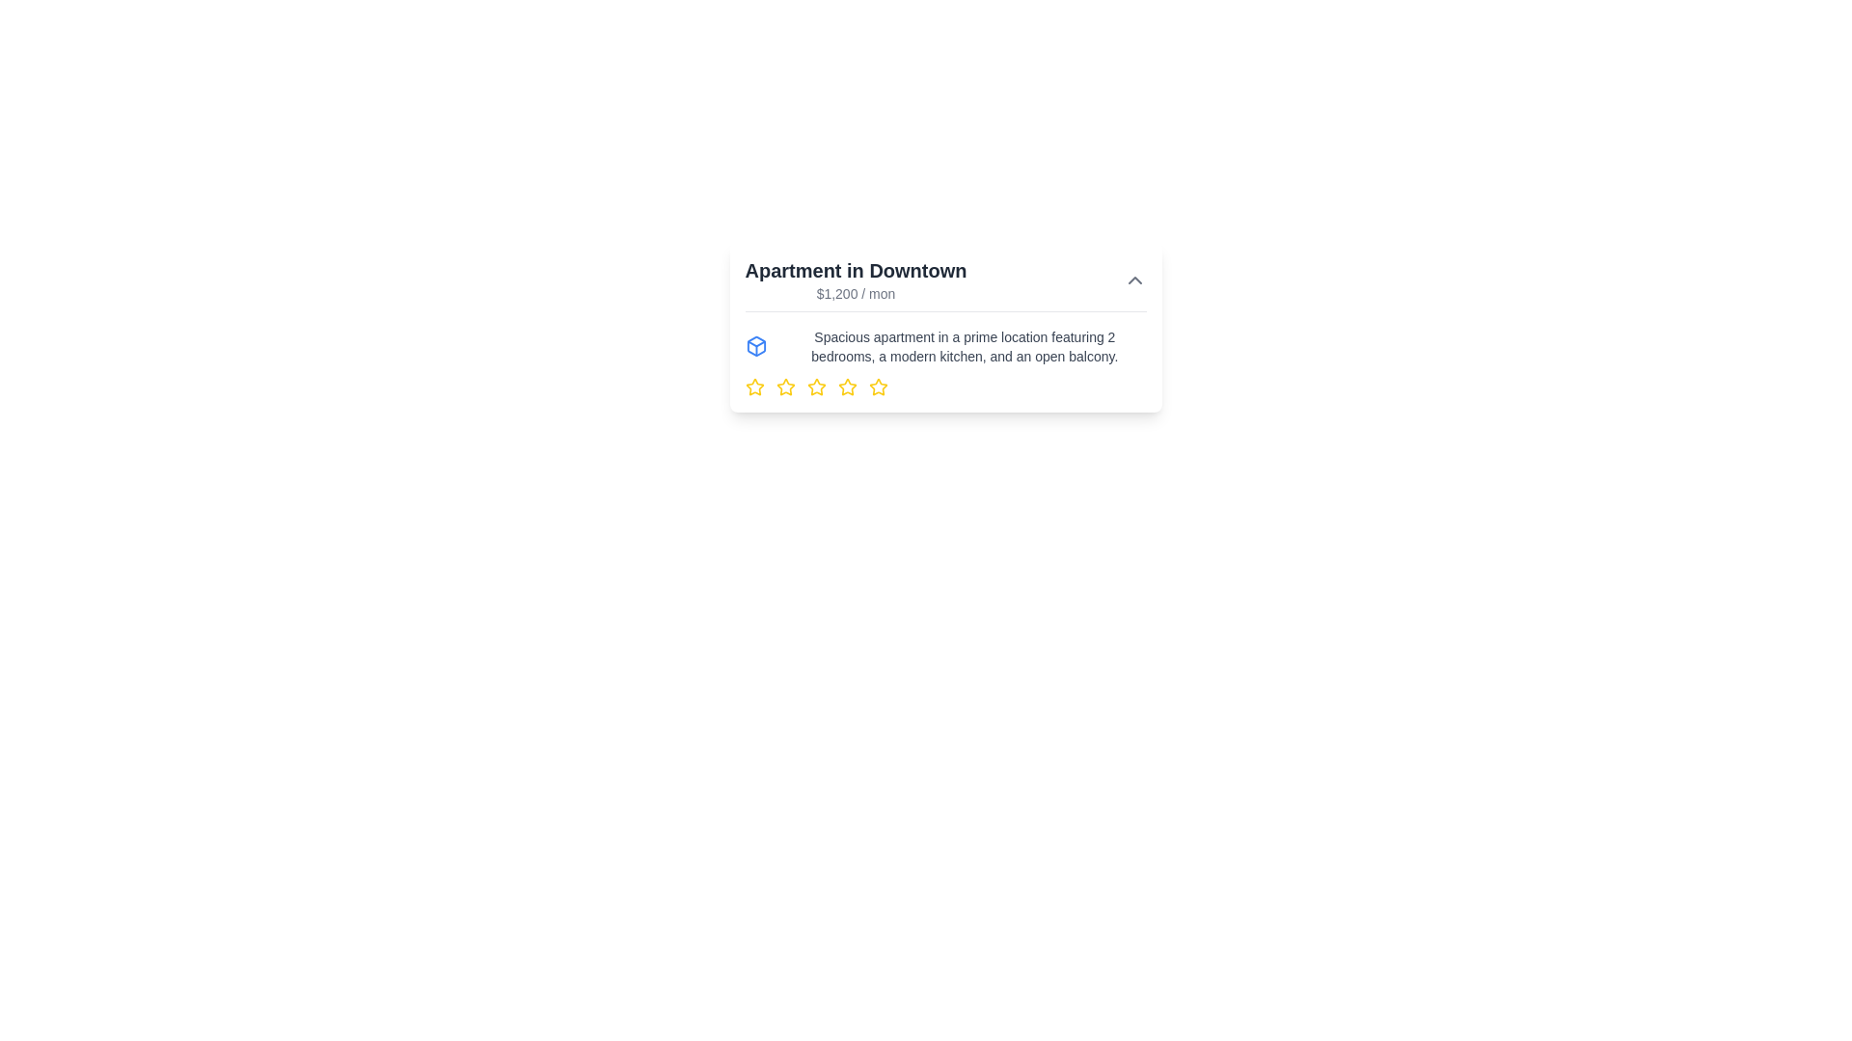 Image resolution: width=1852 pixels, height=1041 pixels. I want to click on the sixth yellow star icon in the sequence of seven located beneath the apartment listing, so click(847, 387).